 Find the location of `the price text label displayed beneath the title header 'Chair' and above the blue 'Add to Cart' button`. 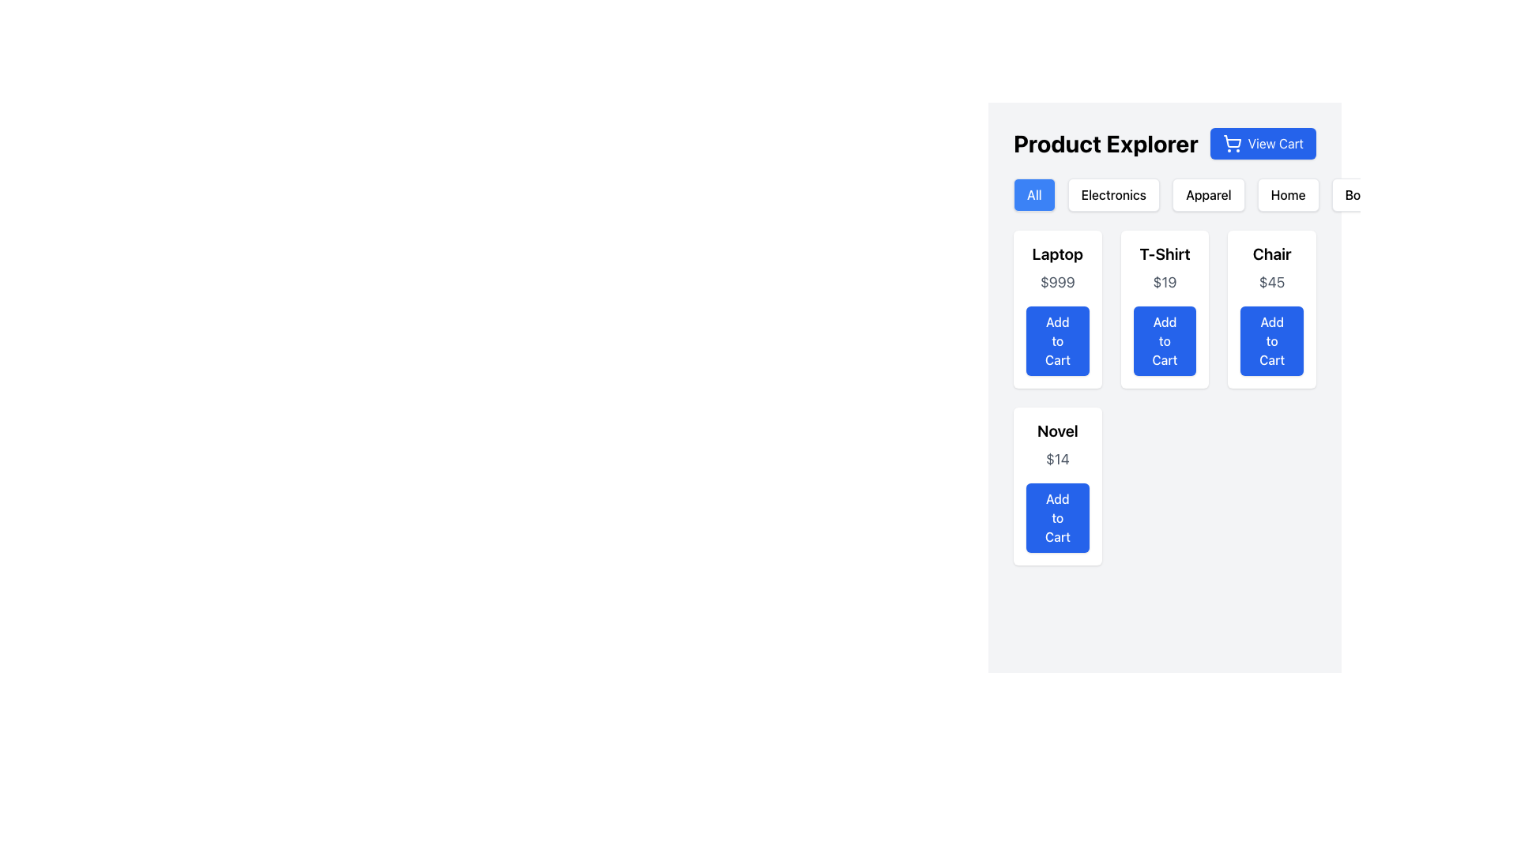

the price text label displayed beneath the title header 'Chair' and above the blue 'Add to Cart' button is located at coordinates (1272, 282).